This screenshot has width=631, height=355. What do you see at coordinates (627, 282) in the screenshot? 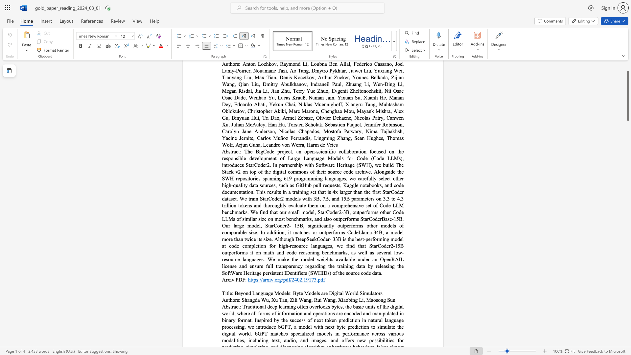
I see `the scrollbar to adjust the page downward` at bounding box center [627, 282].